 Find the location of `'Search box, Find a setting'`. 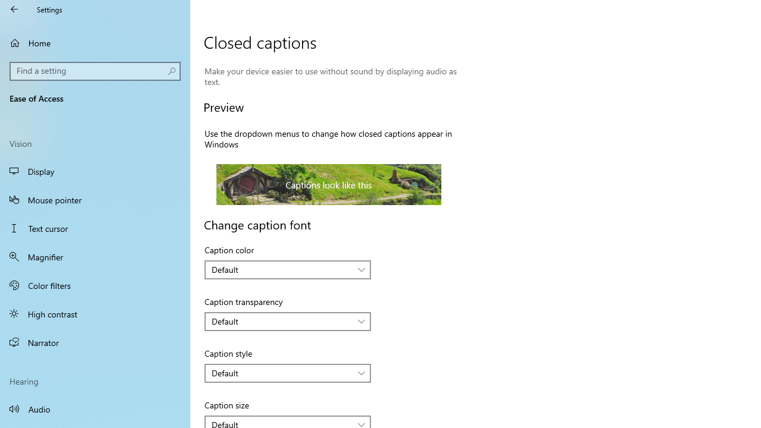

'Search box, Find a setting' is located at coordinates (95, 71).